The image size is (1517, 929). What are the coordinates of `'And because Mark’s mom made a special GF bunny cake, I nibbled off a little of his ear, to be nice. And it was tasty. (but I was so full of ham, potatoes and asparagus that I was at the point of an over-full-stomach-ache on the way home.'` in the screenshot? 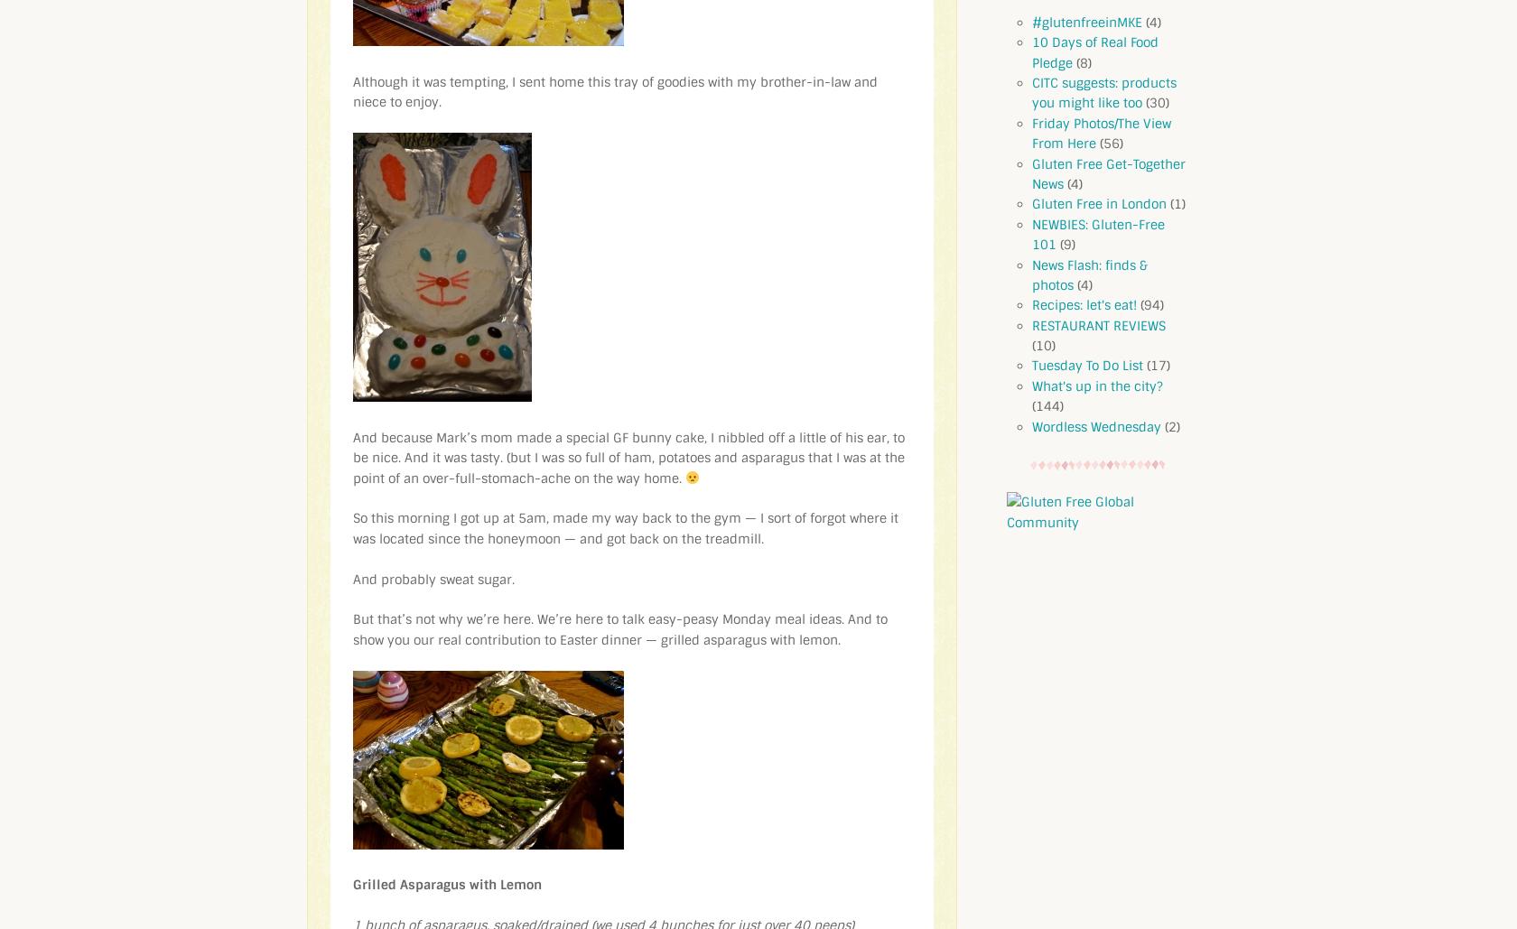 It's located at (628, 457).